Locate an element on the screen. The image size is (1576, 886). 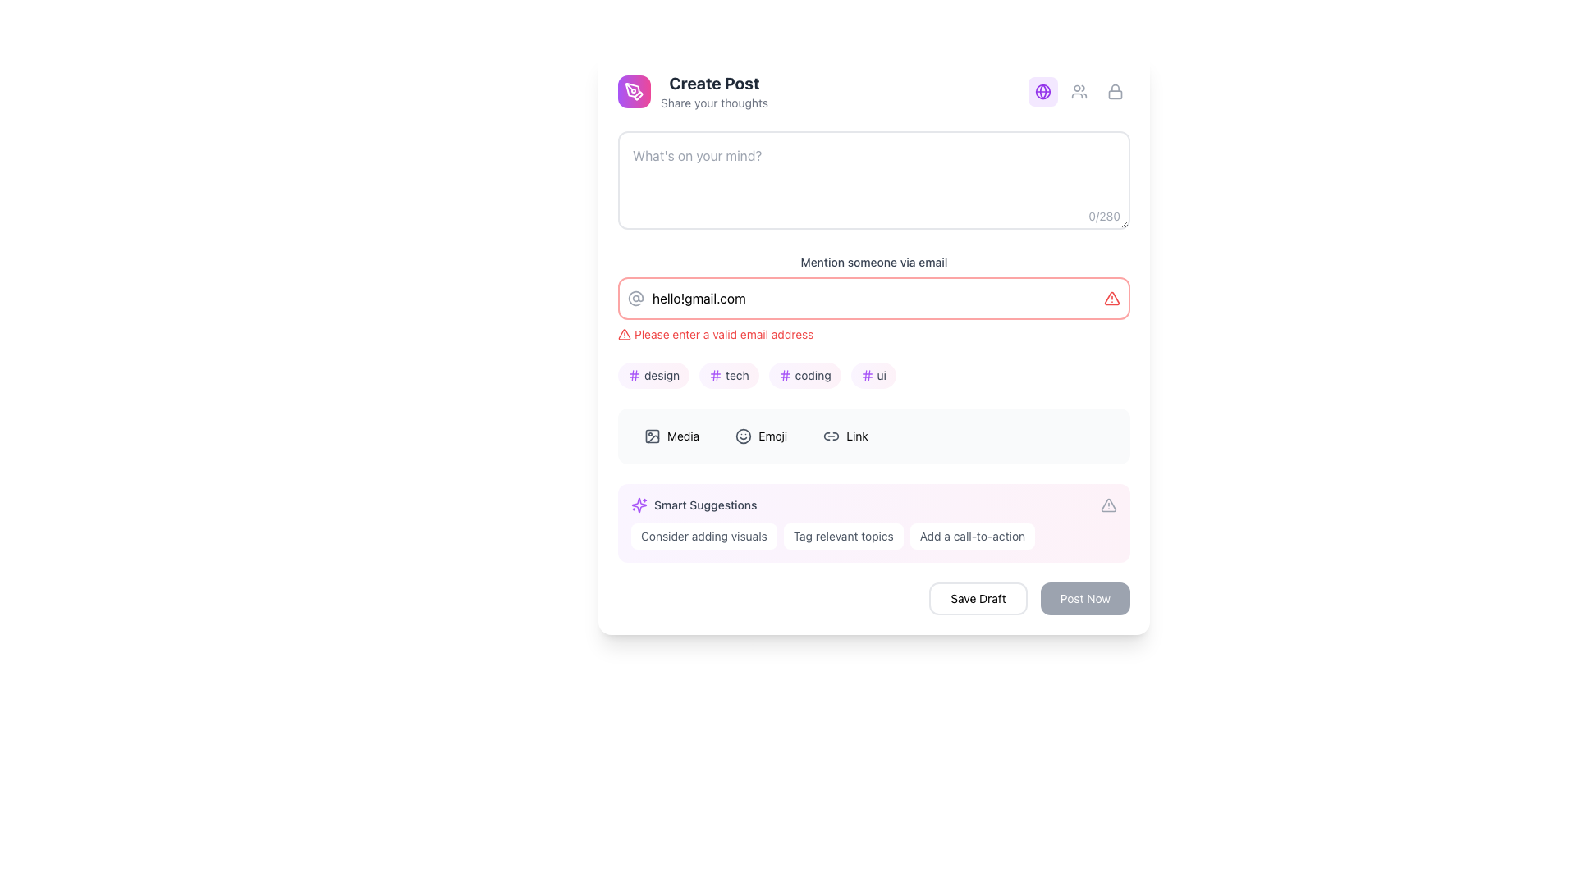
the rightmost button in the 'Smart Suggestions' section is located at coordinates (973, 537).